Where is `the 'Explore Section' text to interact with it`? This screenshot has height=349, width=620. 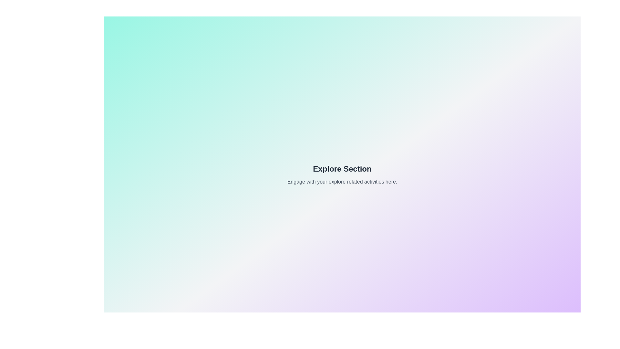
the 'Explore Section' text to interact with it is located at coordinates (342, 169).